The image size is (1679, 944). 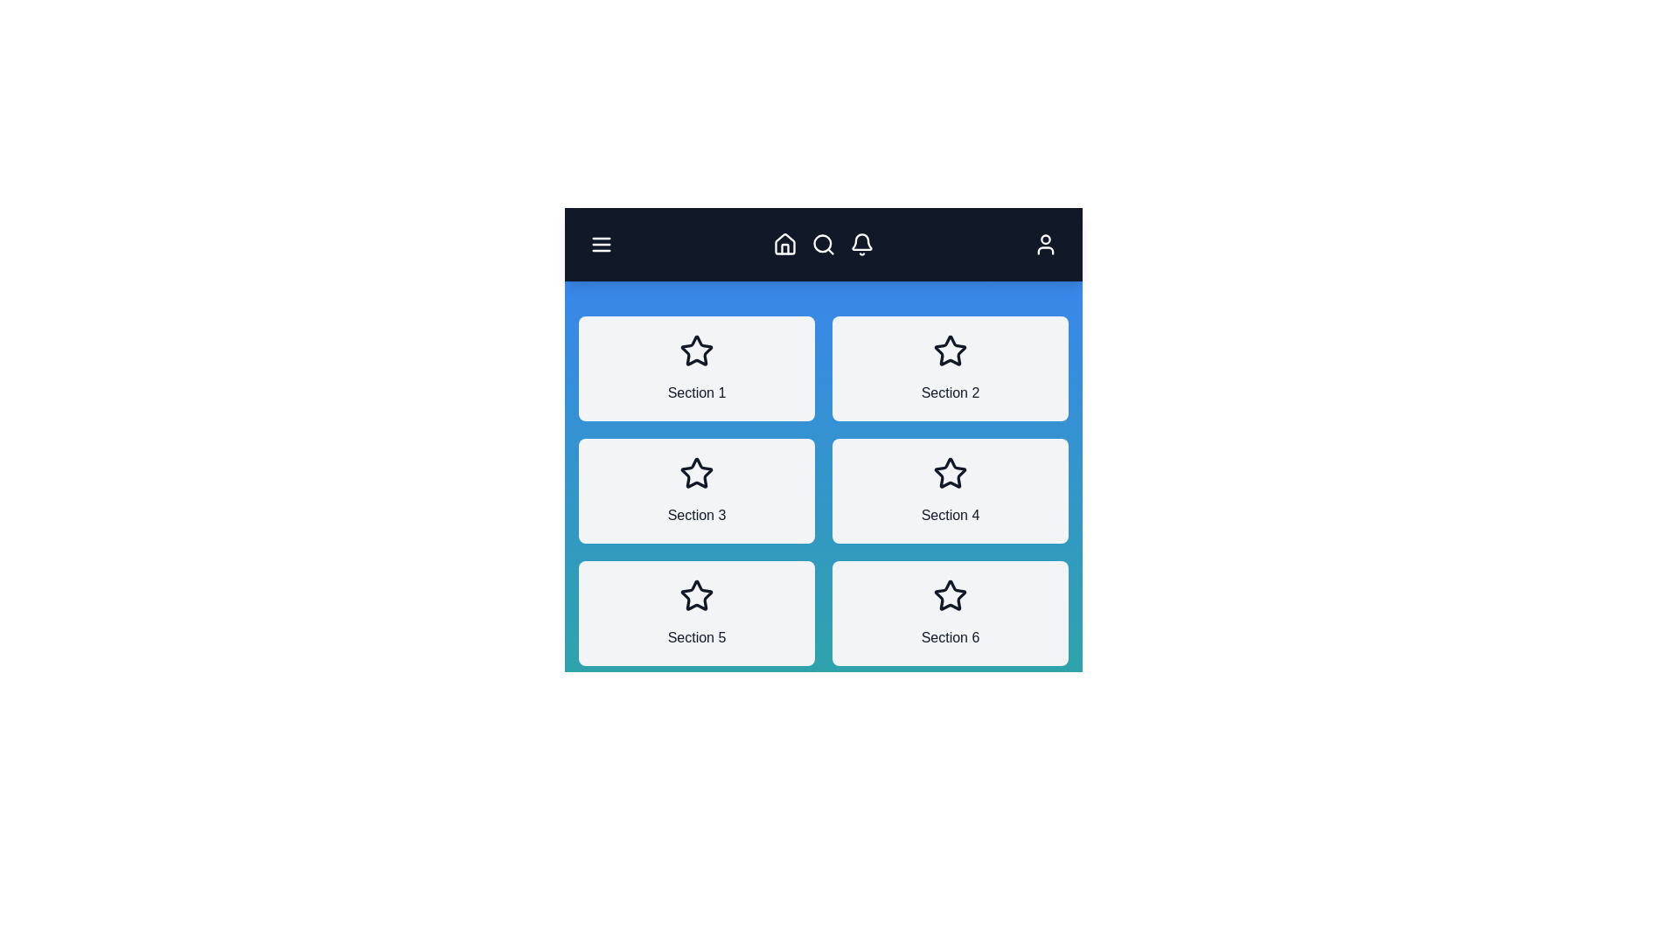 I want to click on the section labeled Section 5 to view its details, so click(x=695, y=613).